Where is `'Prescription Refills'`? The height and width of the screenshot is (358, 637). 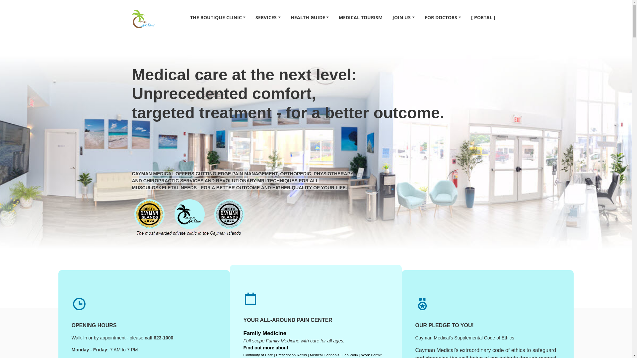
'Prescription Refills' is located at coordinates (276, 355).